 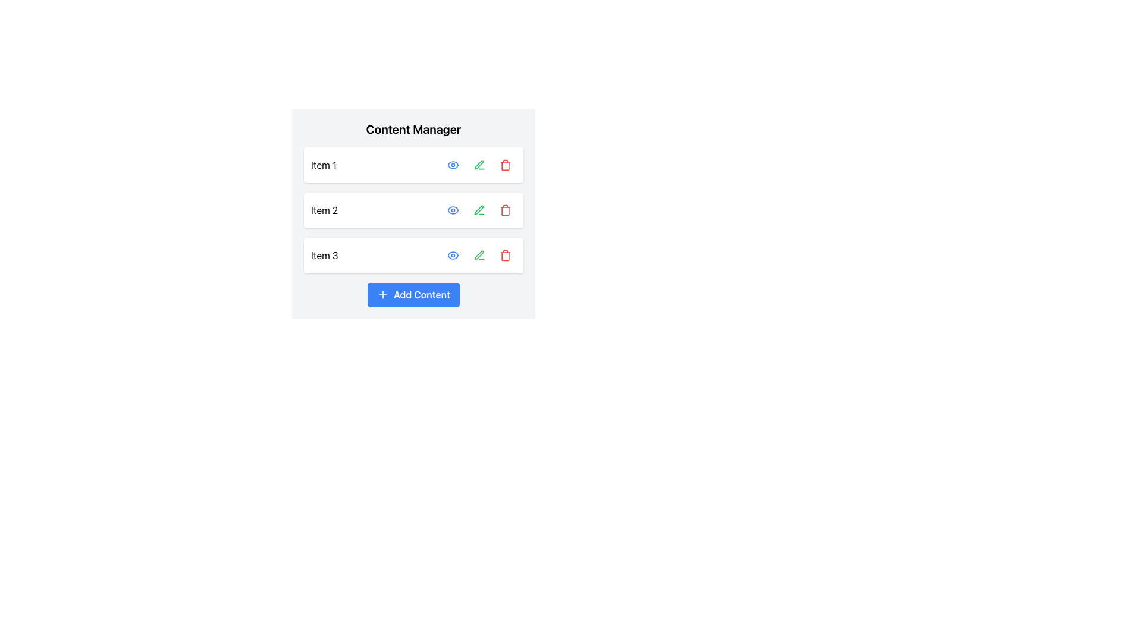 I want to click on the edit button for 'Item 1' in the Content Manager interface, so click(x=479, y=165).